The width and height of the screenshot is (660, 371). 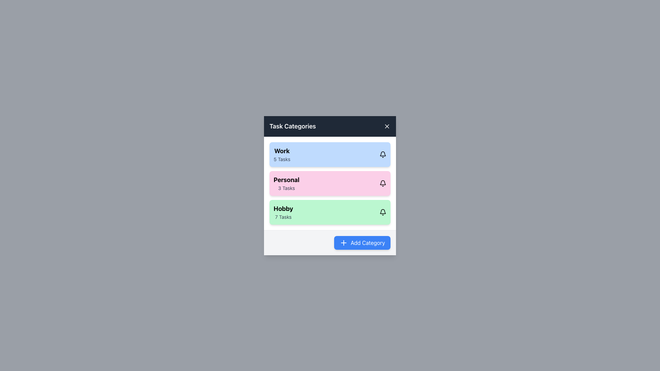 What do you see at coordinates (330, 185) in the screenshot?
I see `the 'Personal' task category card, which displays '3 Tasks' and is positioned between the 'Work' and 'Hobby' categories in the list` at bounding box center [330, 185].